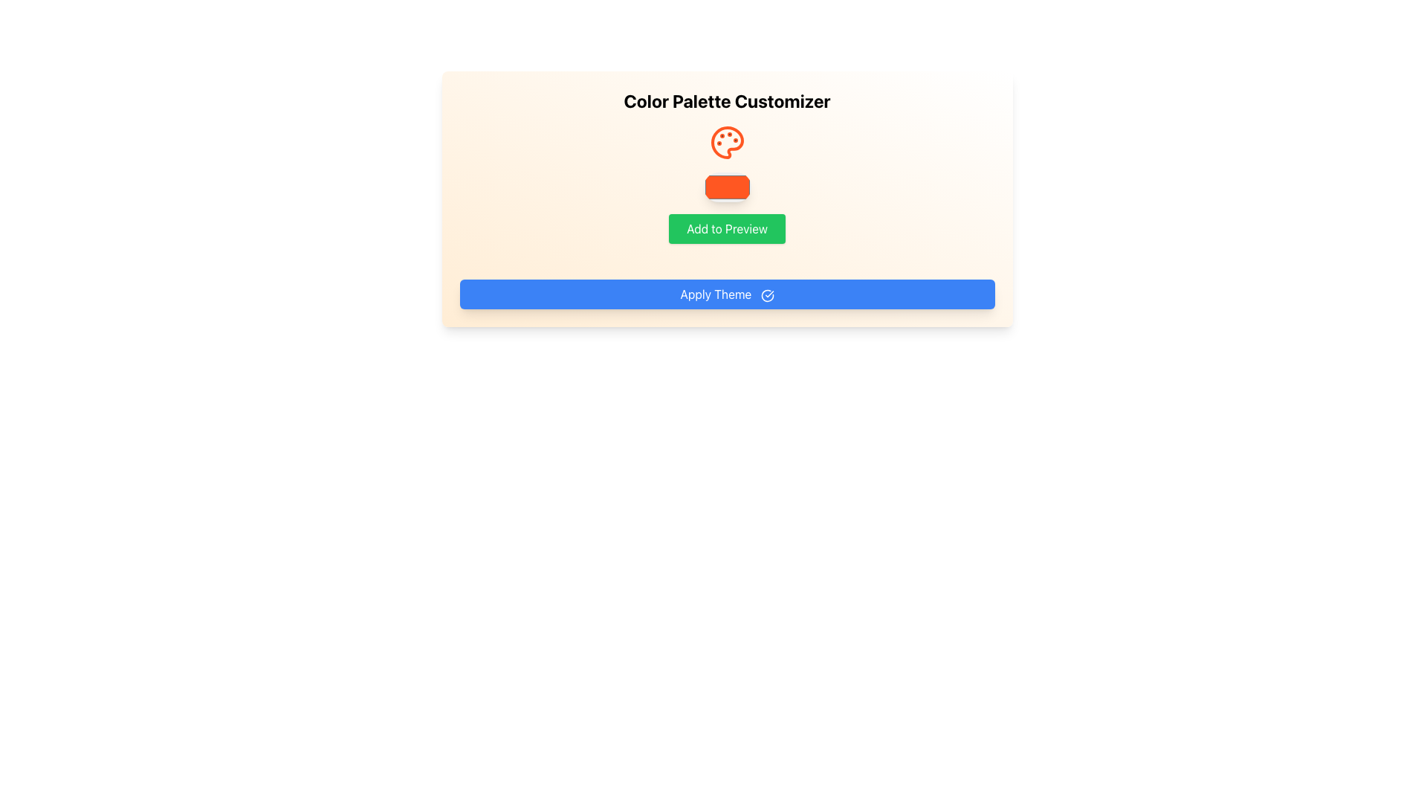  I want to click on the interactive color selection input, which is the second item among its siblings, so click(727, 186).